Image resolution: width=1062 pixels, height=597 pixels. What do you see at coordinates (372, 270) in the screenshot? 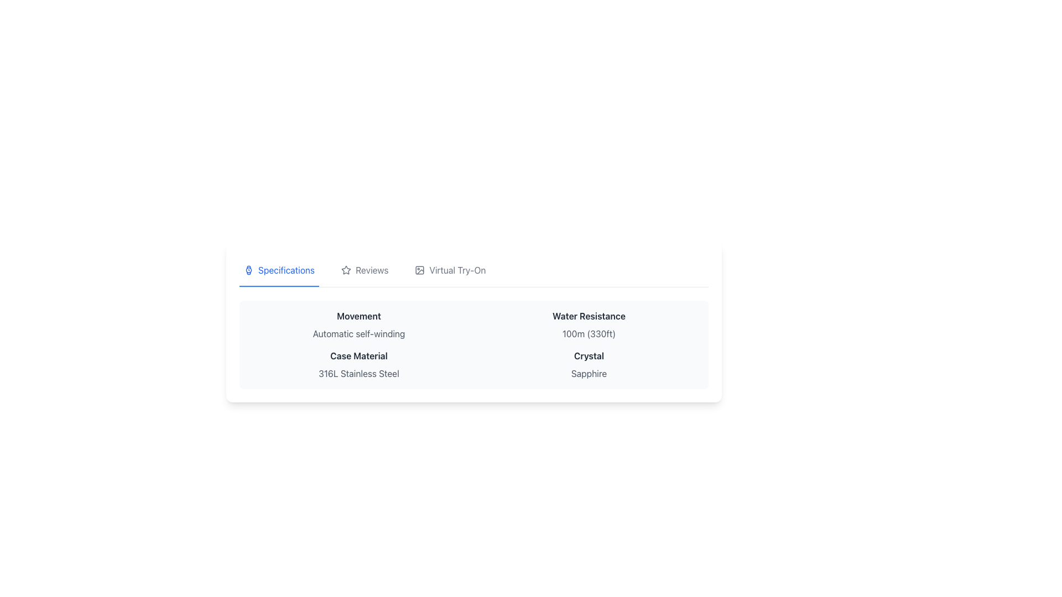
I see `the 'Reviews' text label within the navigational tab` at bounding box center [372, 270].